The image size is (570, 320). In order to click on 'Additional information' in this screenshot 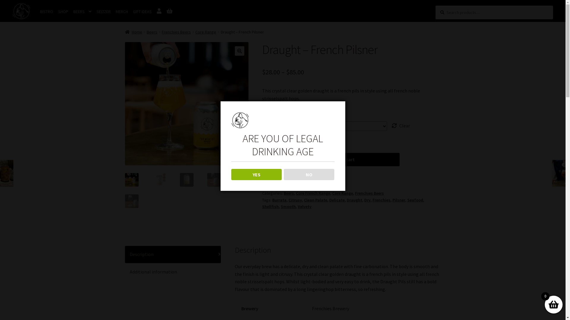, I will do `click(172, 272)`.